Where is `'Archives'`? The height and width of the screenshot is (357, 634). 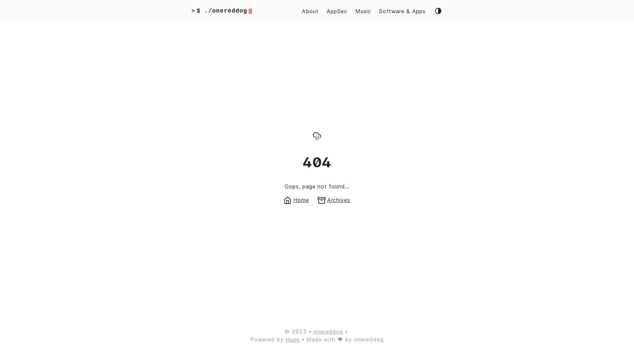
'Archives' is located at coordinates (334, 199).